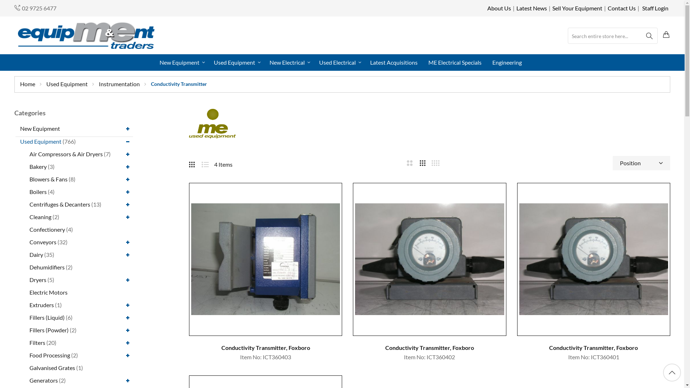 The height and width of the screenshot is (388, 690). I want to click on 'List', so click(207, 163).